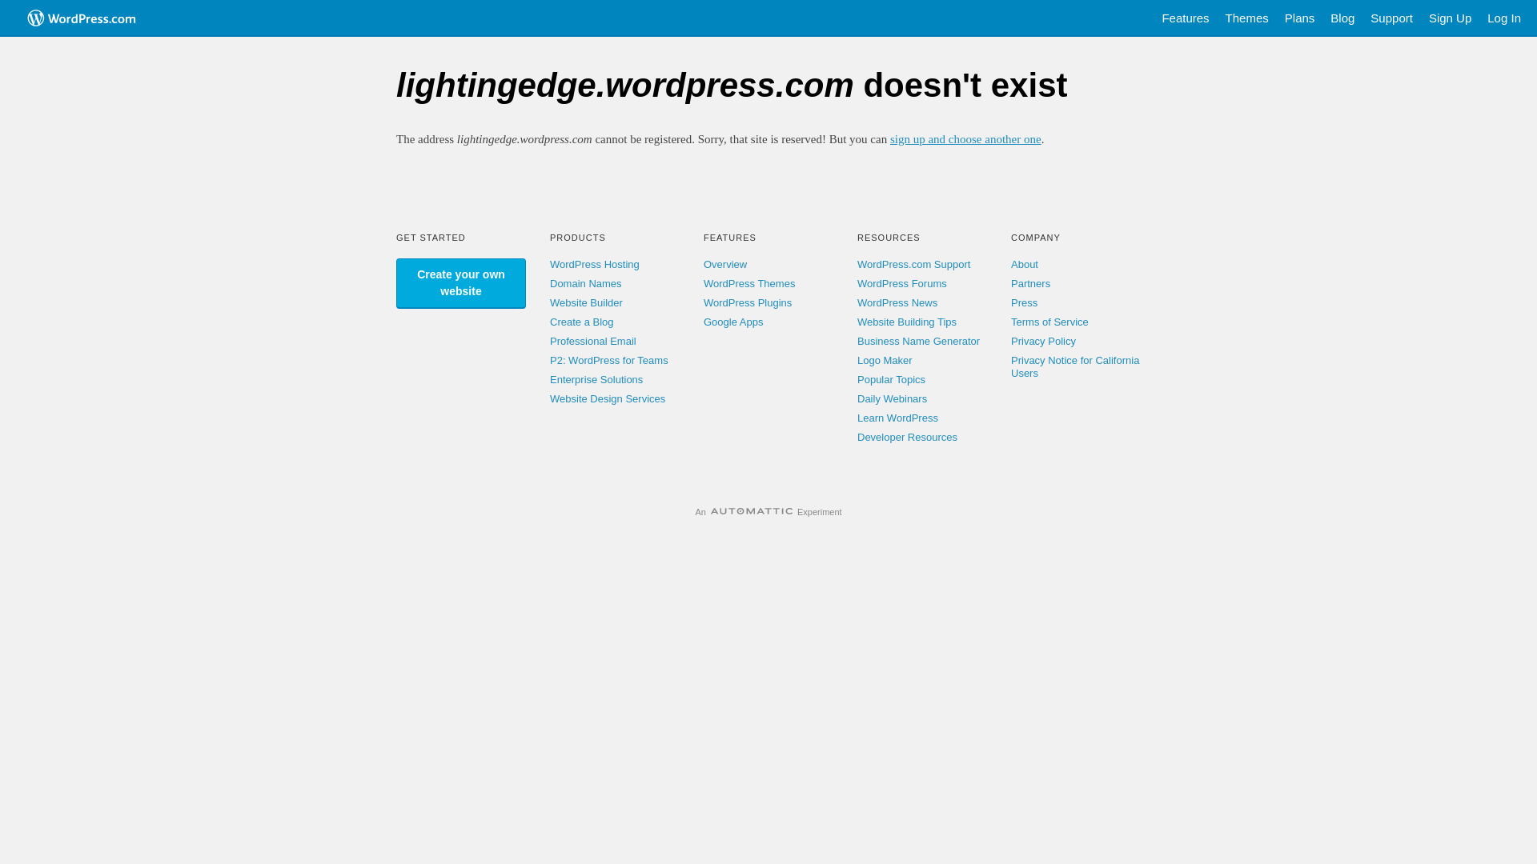 This screenshot has height=864, width=1537. What do you see at coordinates (891, 398) in the screenshot?
I see `'Daily Webinars'` at bounding box center [891, 398].